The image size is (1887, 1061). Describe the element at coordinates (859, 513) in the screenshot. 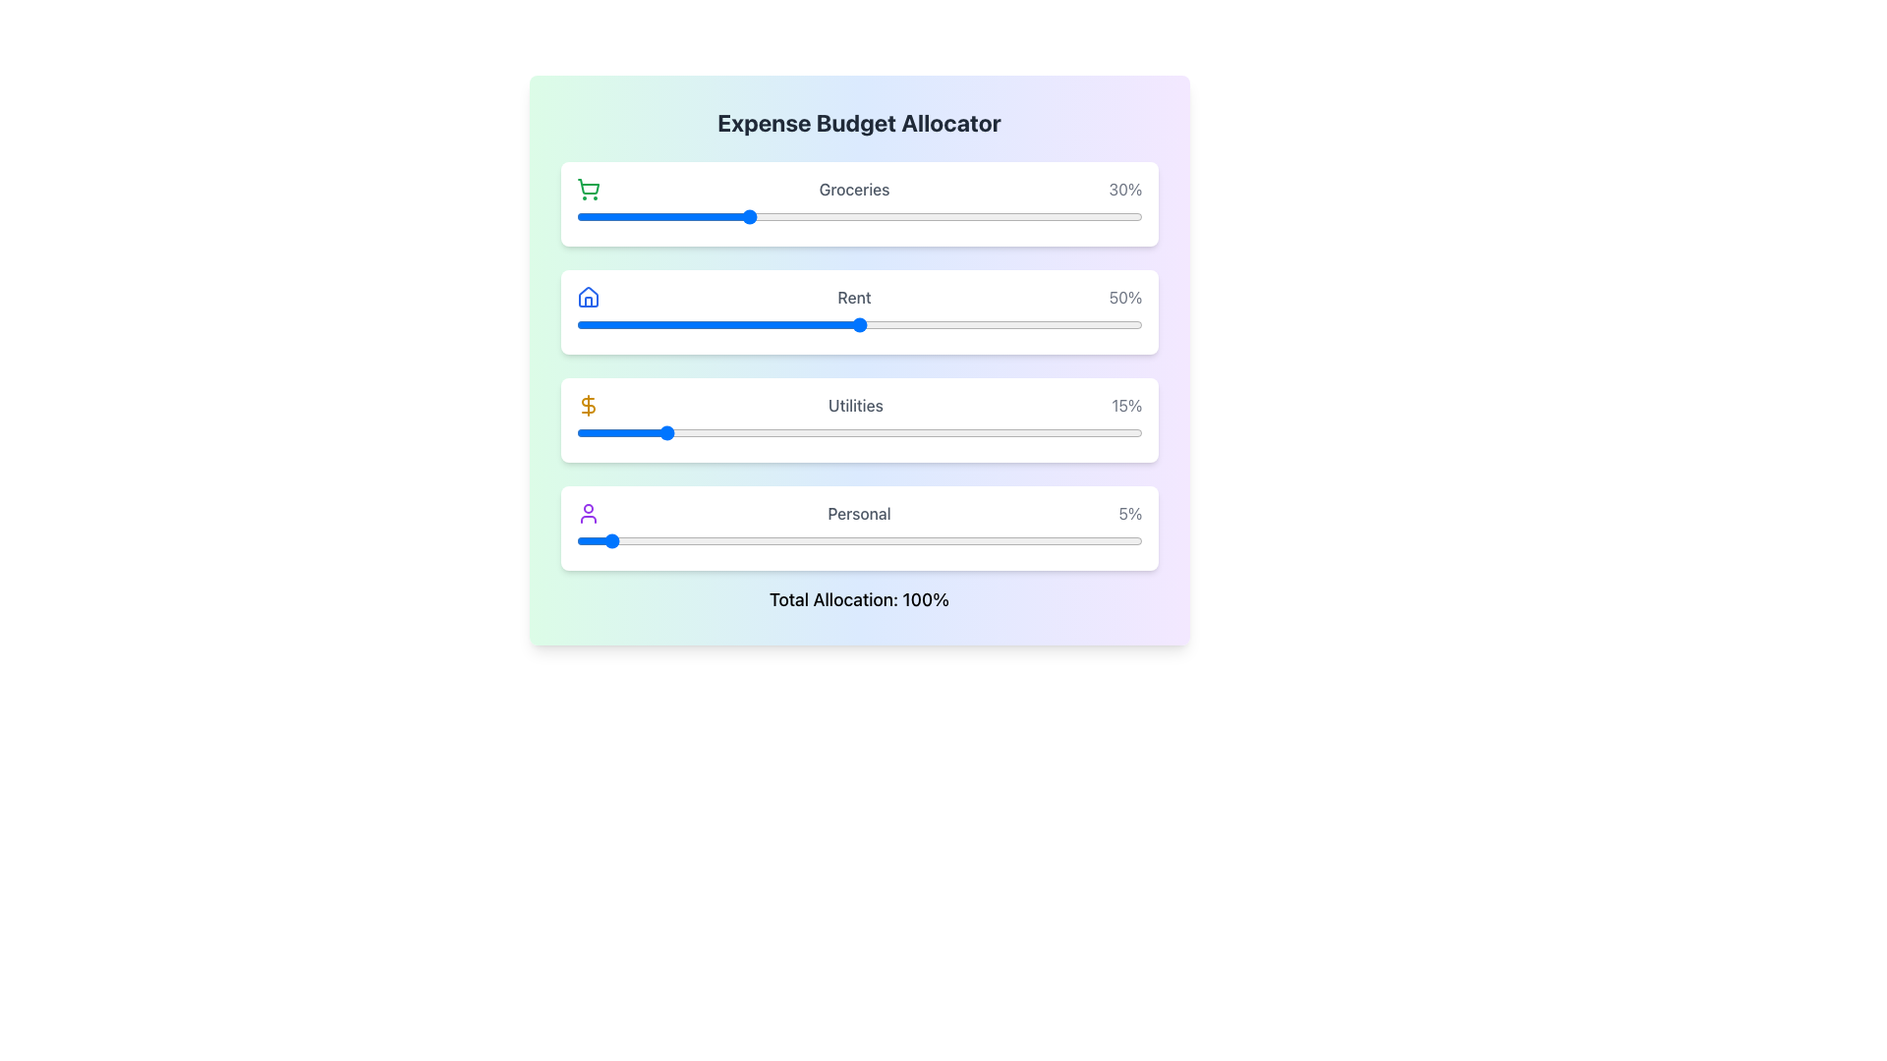

I see `the 'Personal' text label in the Expense Budget Allocator interface` at that location.